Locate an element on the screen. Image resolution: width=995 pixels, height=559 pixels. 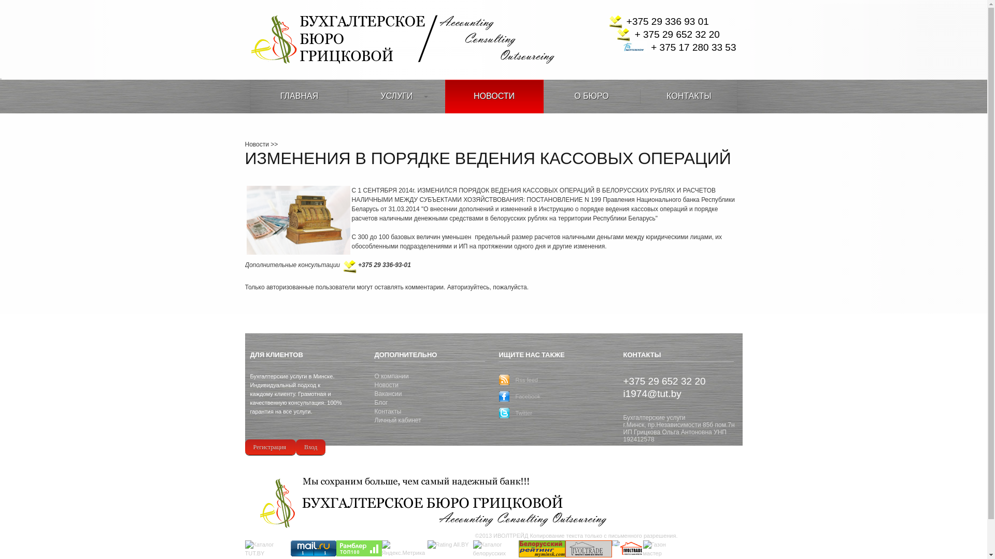
'Rss feed' is located at coordinates (526, 379).